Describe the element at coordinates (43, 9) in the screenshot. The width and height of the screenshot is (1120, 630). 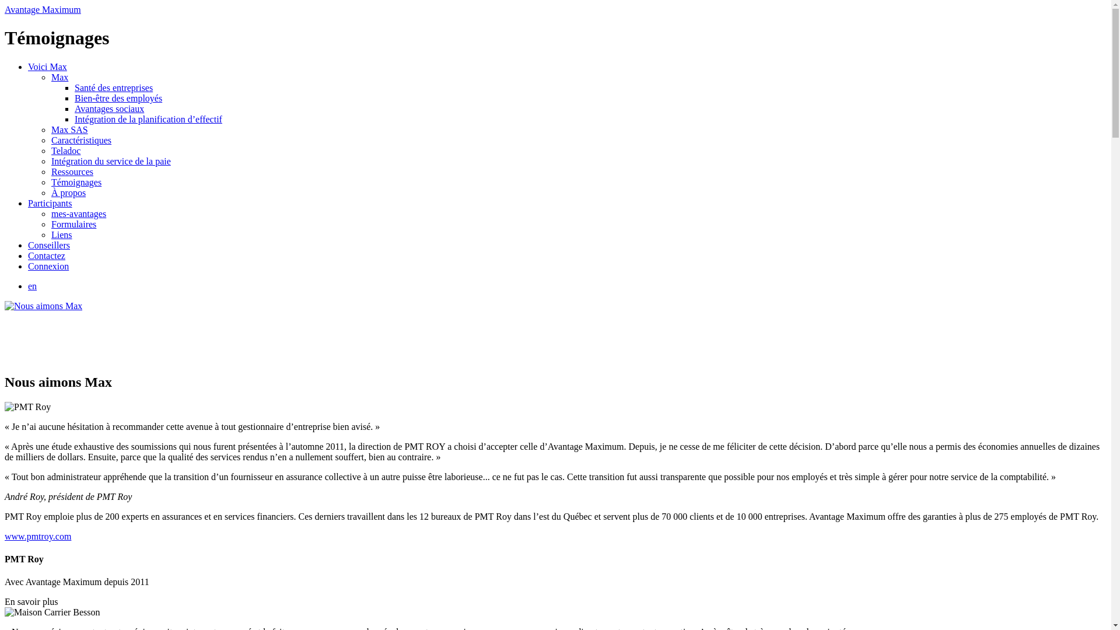
I see `'Avantage Maximum'` at that location.